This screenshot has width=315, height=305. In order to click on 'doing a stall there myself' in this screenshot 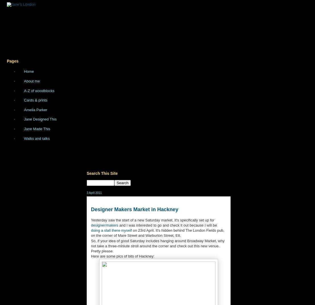, I will do `click(111, 230)`.